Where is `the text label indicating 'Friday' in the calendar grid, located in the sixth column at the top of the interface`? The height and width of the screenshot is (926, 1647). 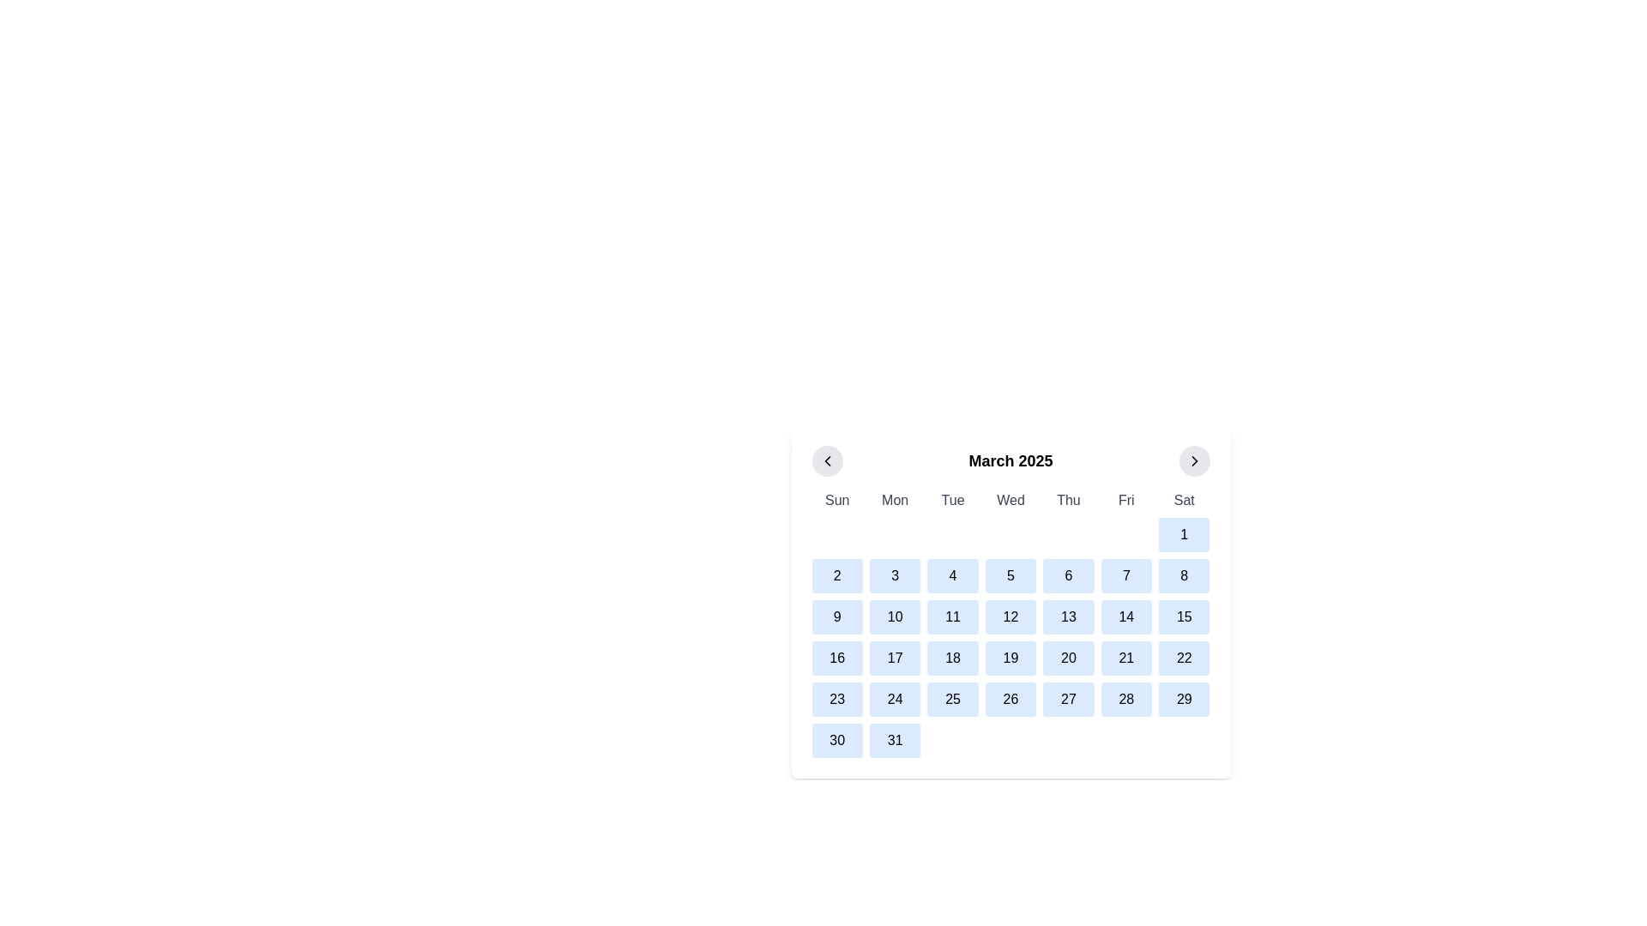 the text label indicating 'Friday' in the calendar grid, located in the sixth column at the top of the interface is located at coordinates (1126, 500).